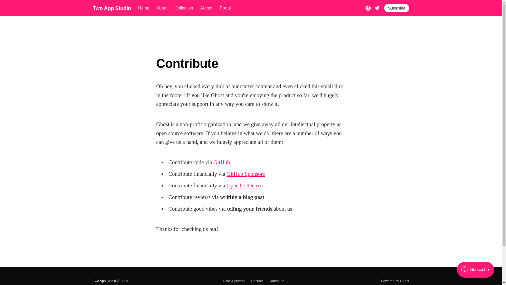 Image resolution: width=506 pixels, height=285 pixels. Describe the element at coordinates (222, 162) in the screenshot. I see `'GitHub'` at that location.